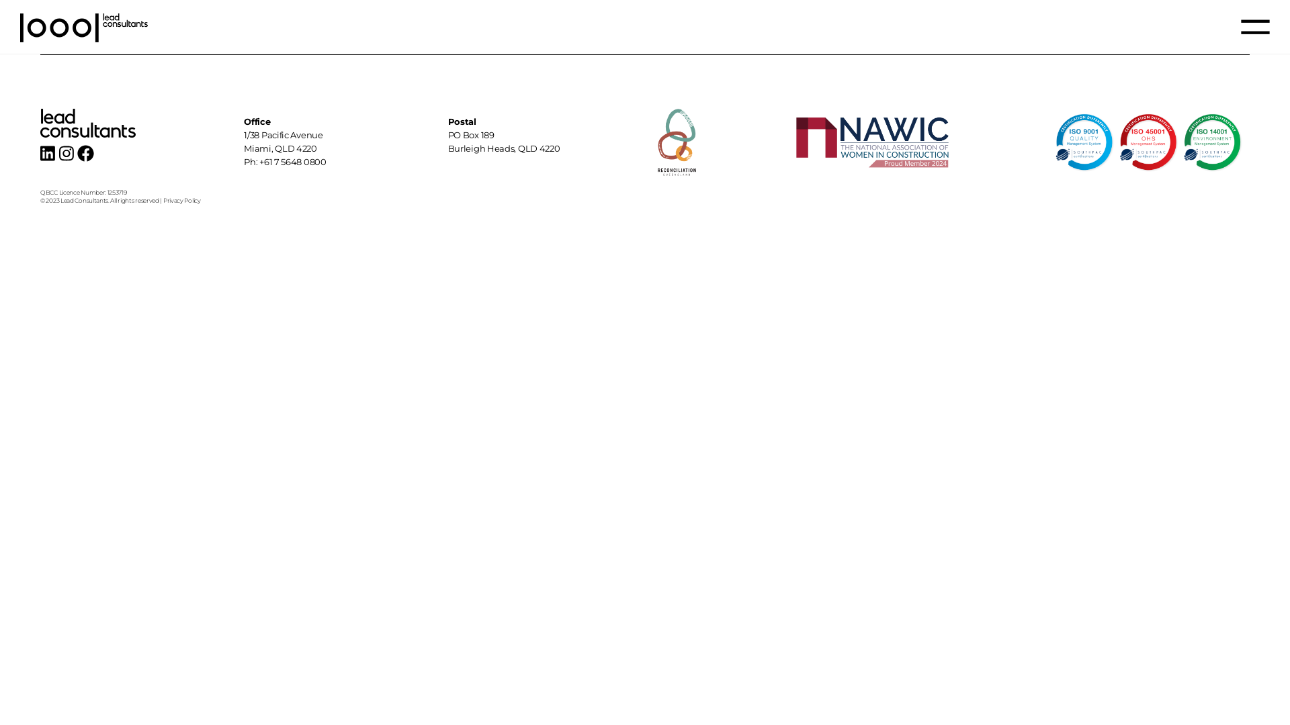 Image resolution: width=1290 pixels, height=725 pixels. I want to click on '1/38 Pacific Avenue, so click(244, 142).